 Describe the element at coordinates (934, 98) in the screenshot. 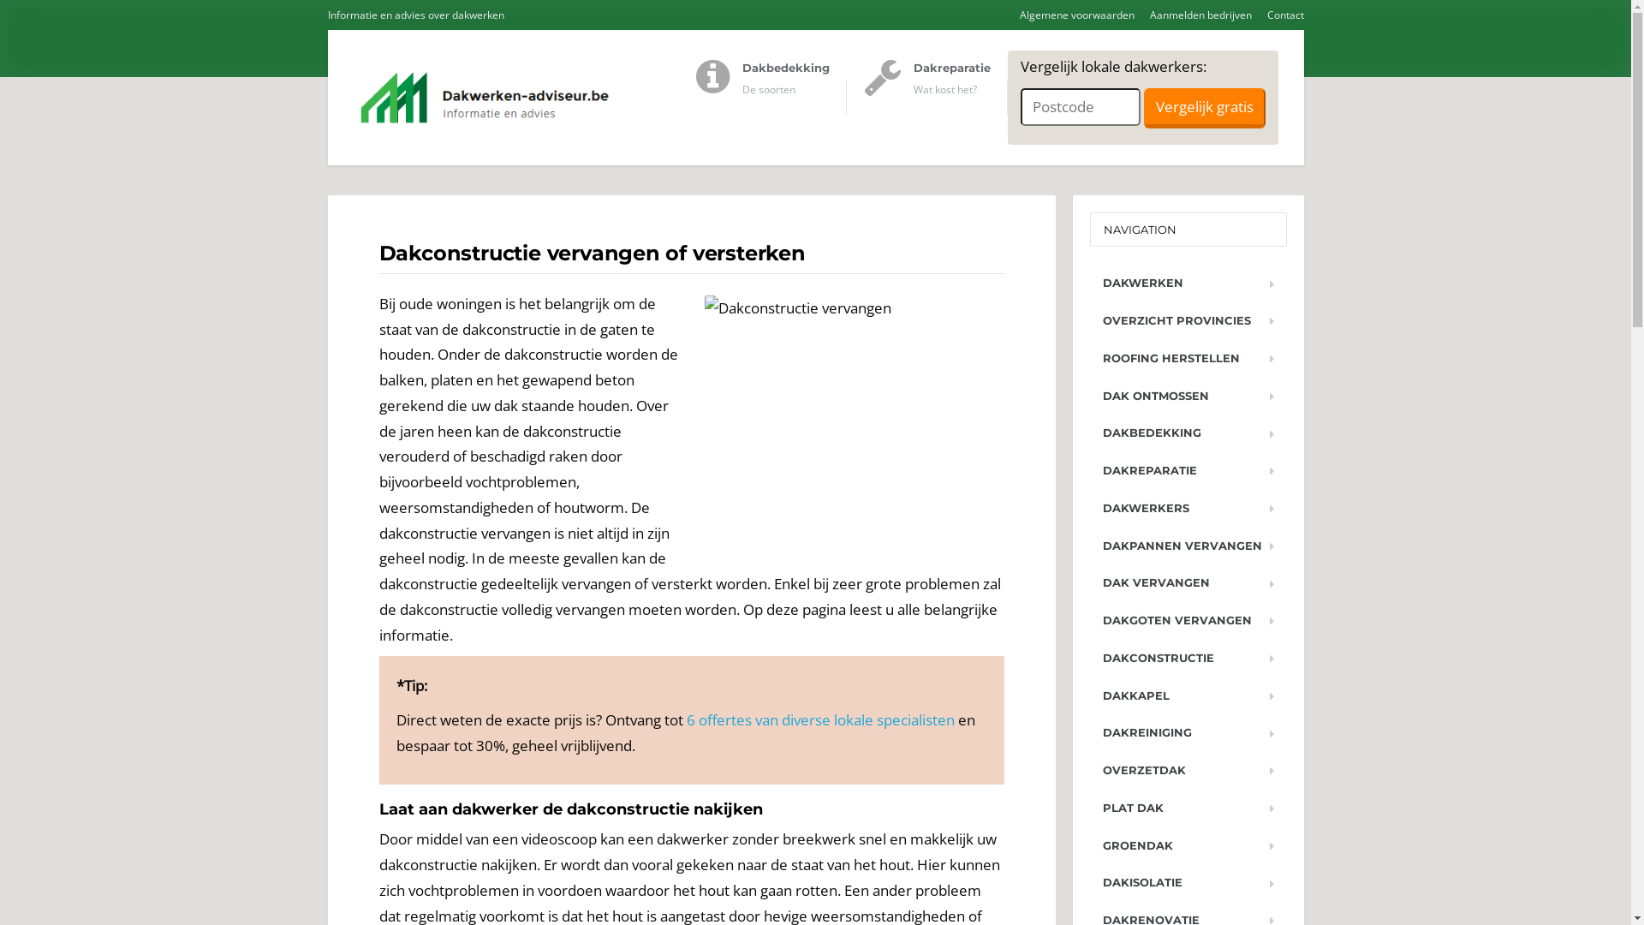

I see `'Dakreparatie` at that location.